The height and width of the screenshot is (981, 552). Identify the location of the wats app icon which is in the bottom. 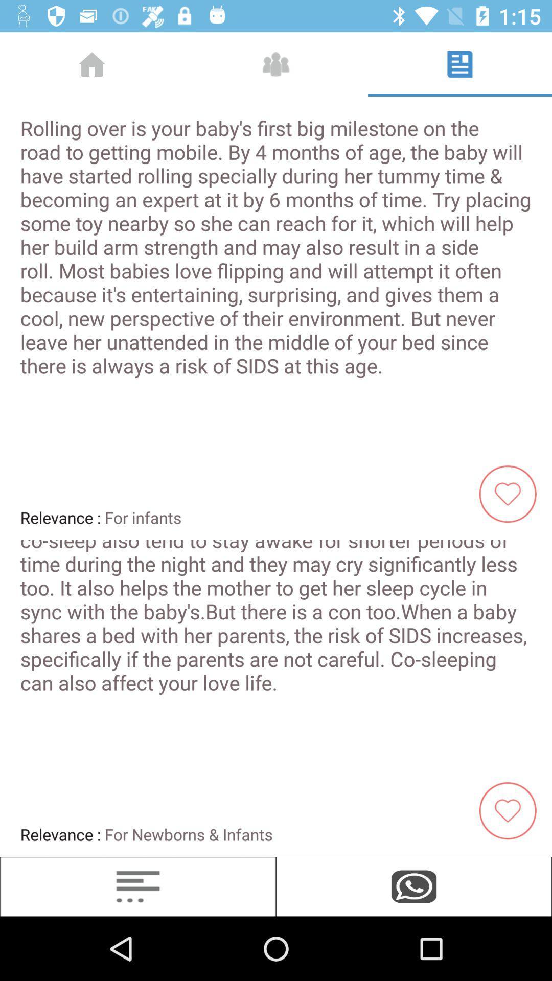
(414, 886).